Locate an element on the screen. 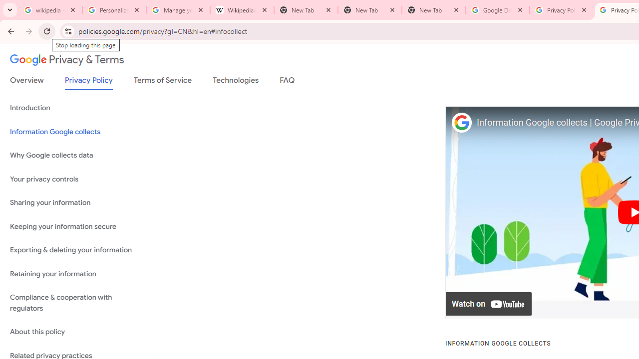 This screenshot has width=639, height=359. 'Compliance & cooperation with regulators' is located at coordinates (75, 303).